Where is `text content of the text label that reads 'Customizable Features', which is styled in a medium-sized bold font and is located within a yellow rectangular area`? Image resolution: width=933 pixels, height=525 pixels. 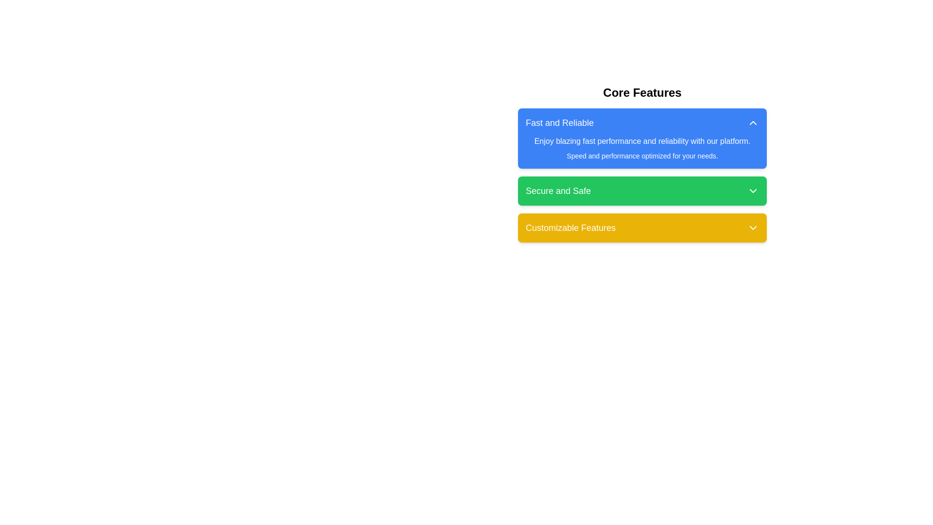
text content of the text label that reads 'Customizable Features', which is styled in a medium-sized bold font and is located within a yellow rectangular area is located at coordinates (570, 228).